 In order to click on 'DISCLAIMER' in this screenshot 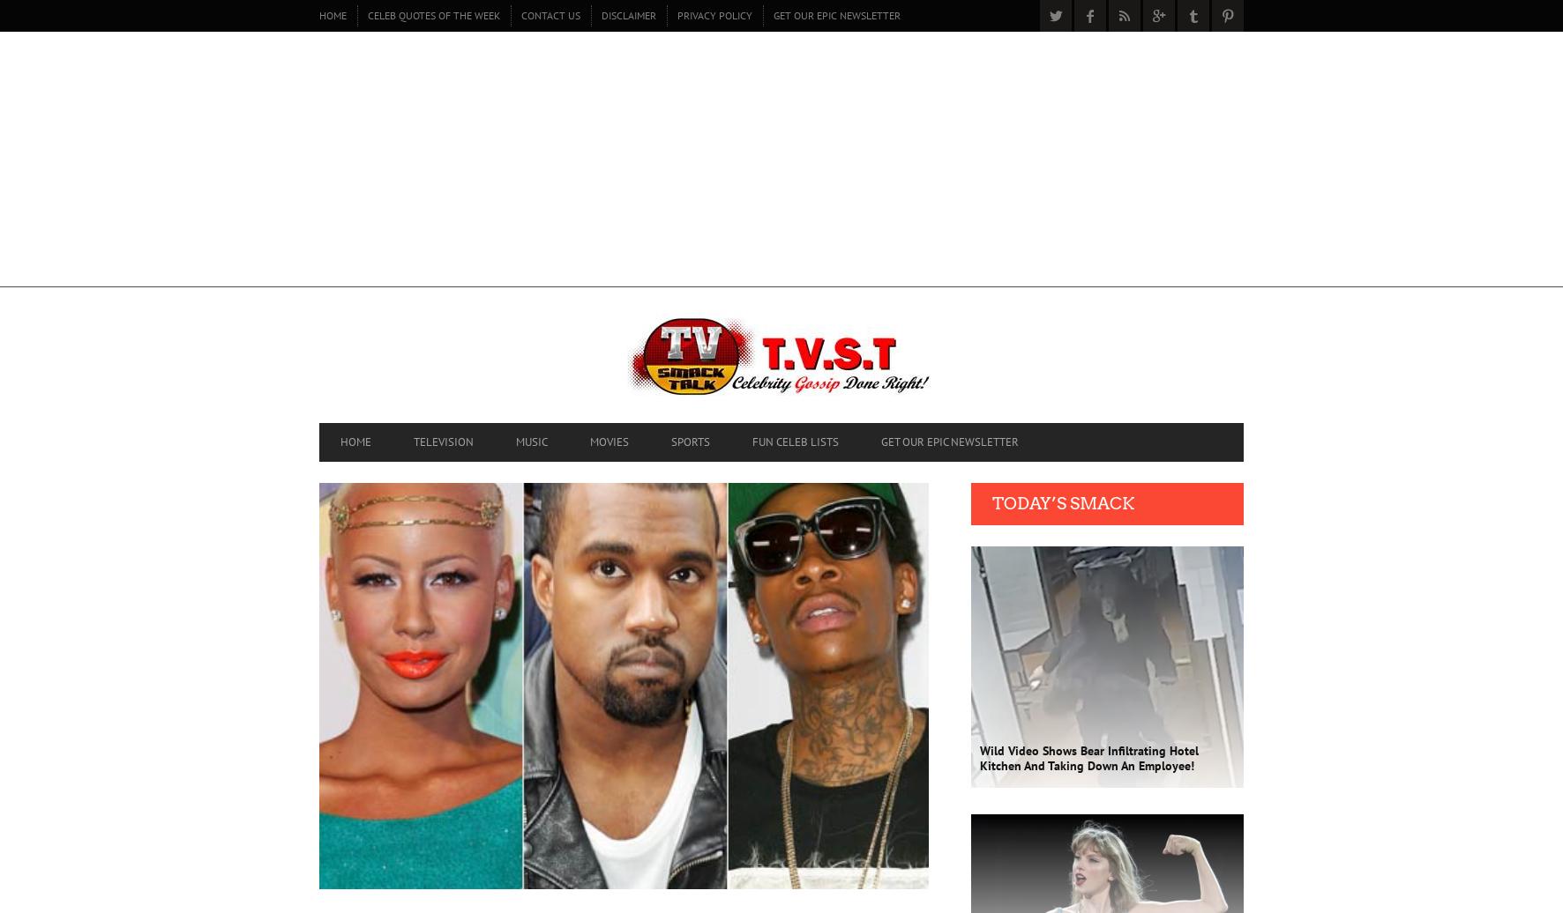, I will do `click(626, 14)`.